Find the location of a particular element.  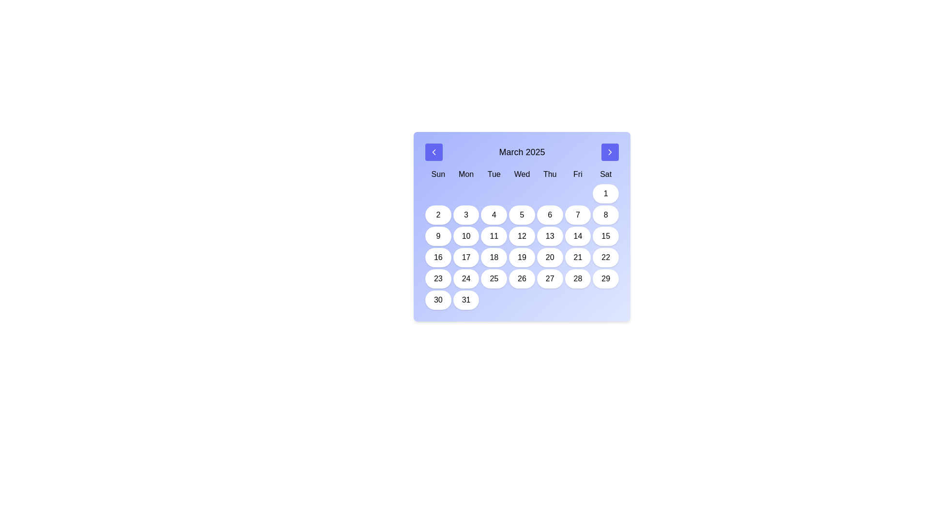

the clickable date button for the 16th day of March 2025, located is located at coordinates (437, 257).